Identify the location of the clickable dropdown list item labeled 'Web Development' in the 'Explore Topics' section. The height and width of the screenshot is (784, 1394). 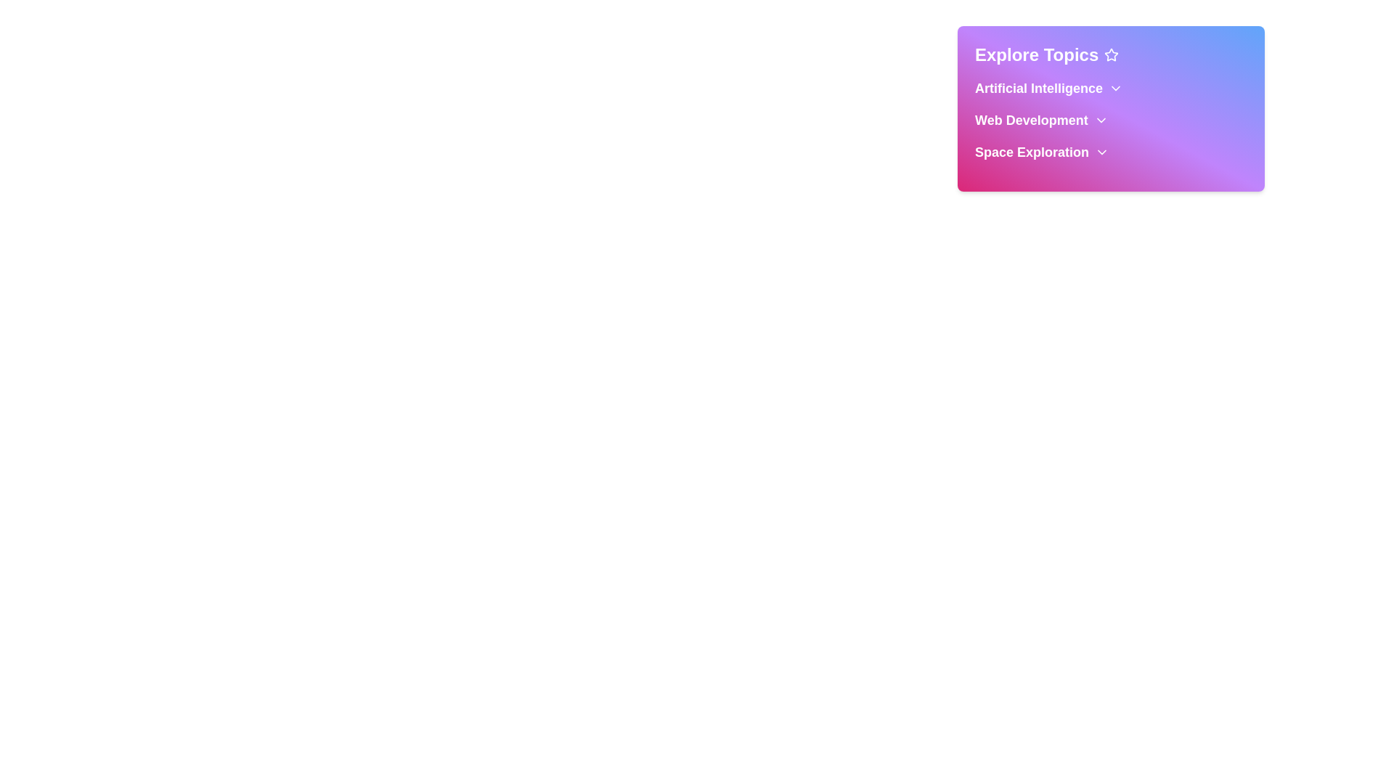
(1110, 119).